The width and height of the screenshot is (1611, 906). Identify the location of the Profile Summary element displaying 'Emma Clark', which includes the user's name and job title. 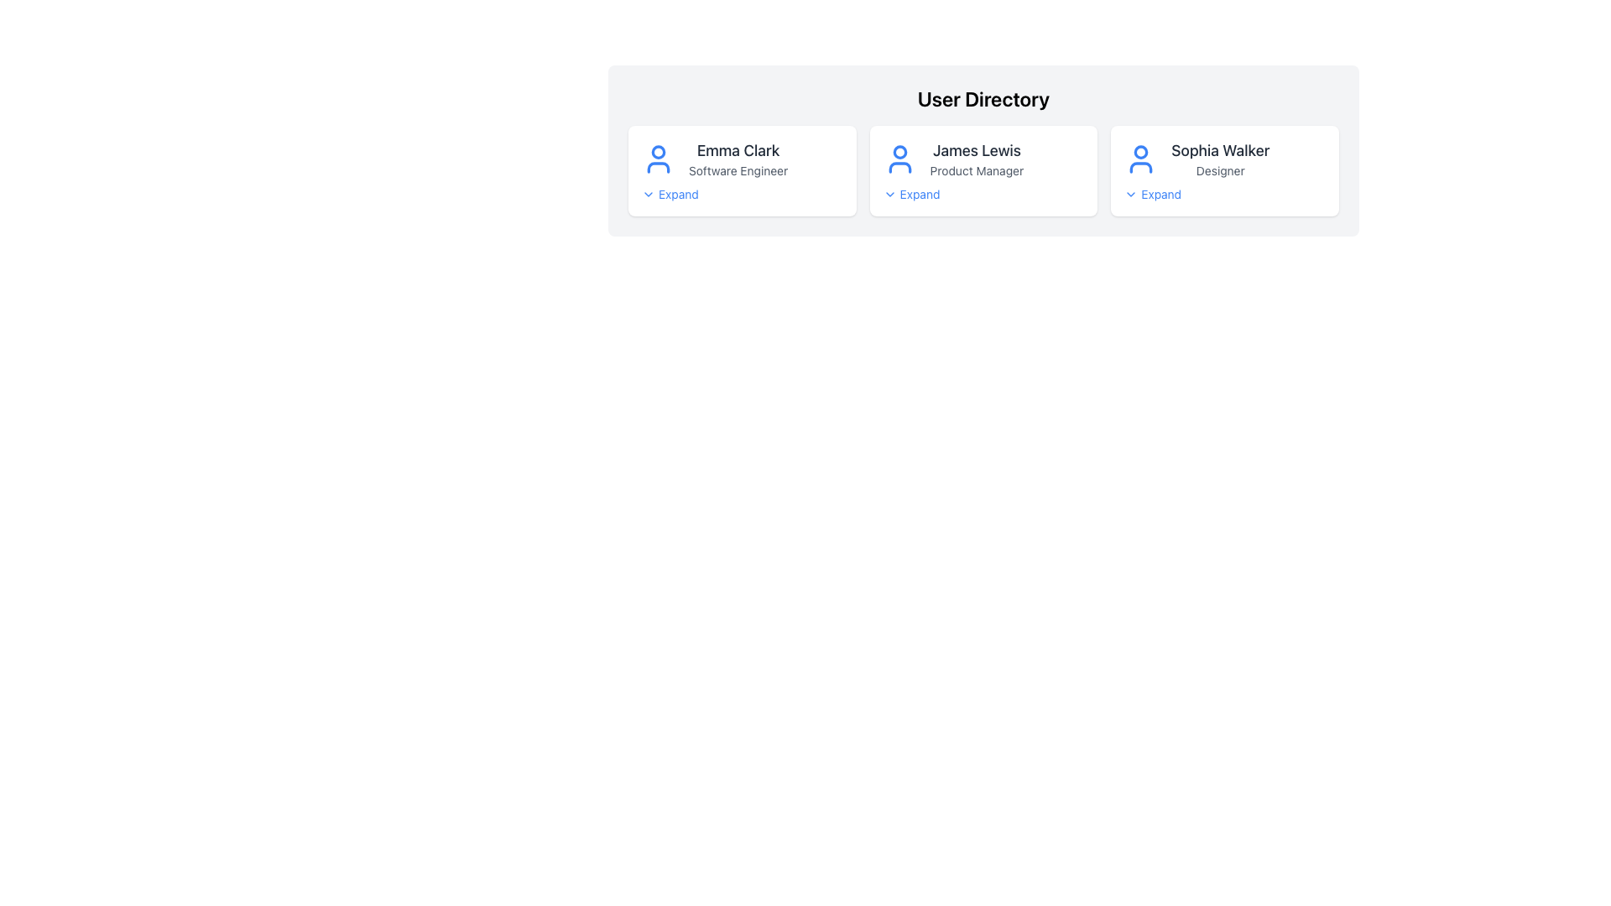
(741, 159).